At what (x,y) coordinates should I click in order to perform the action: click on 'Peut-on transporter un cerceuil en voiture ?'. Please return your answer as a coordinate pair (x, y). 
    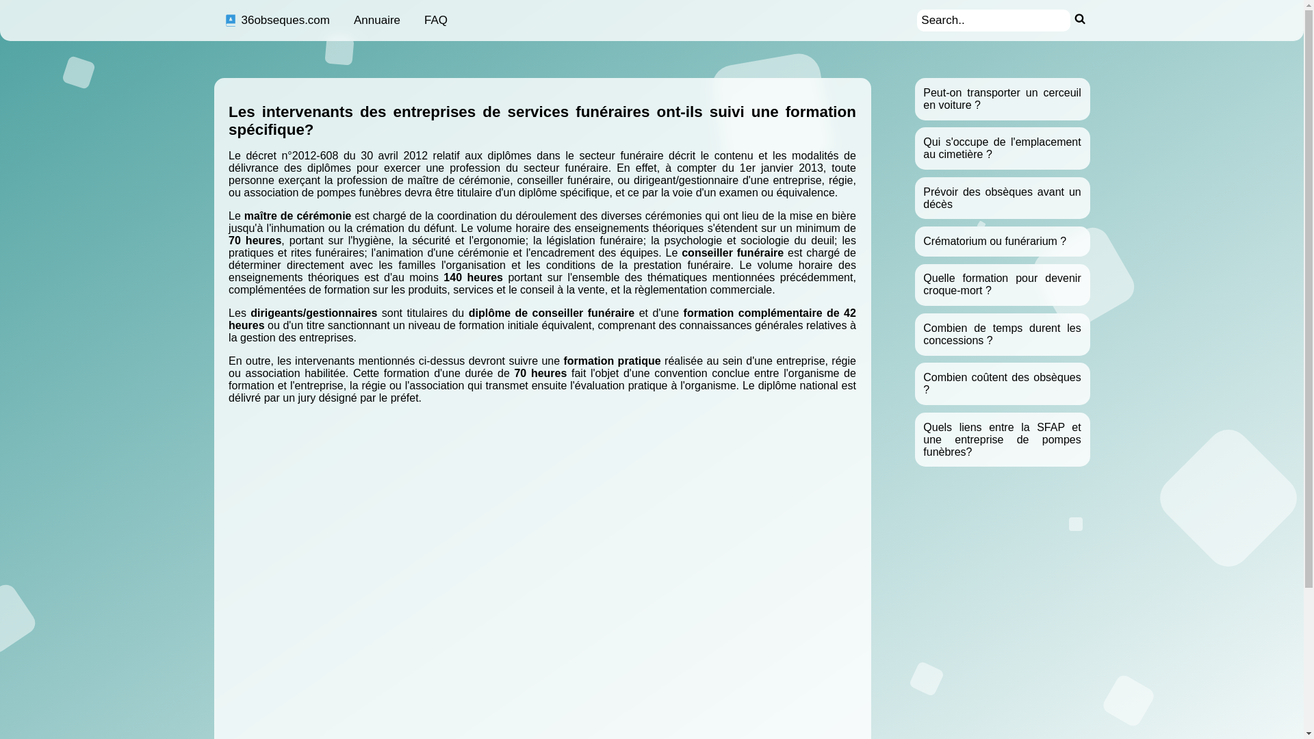
    Looking at the image, I should click on (1002, 98).